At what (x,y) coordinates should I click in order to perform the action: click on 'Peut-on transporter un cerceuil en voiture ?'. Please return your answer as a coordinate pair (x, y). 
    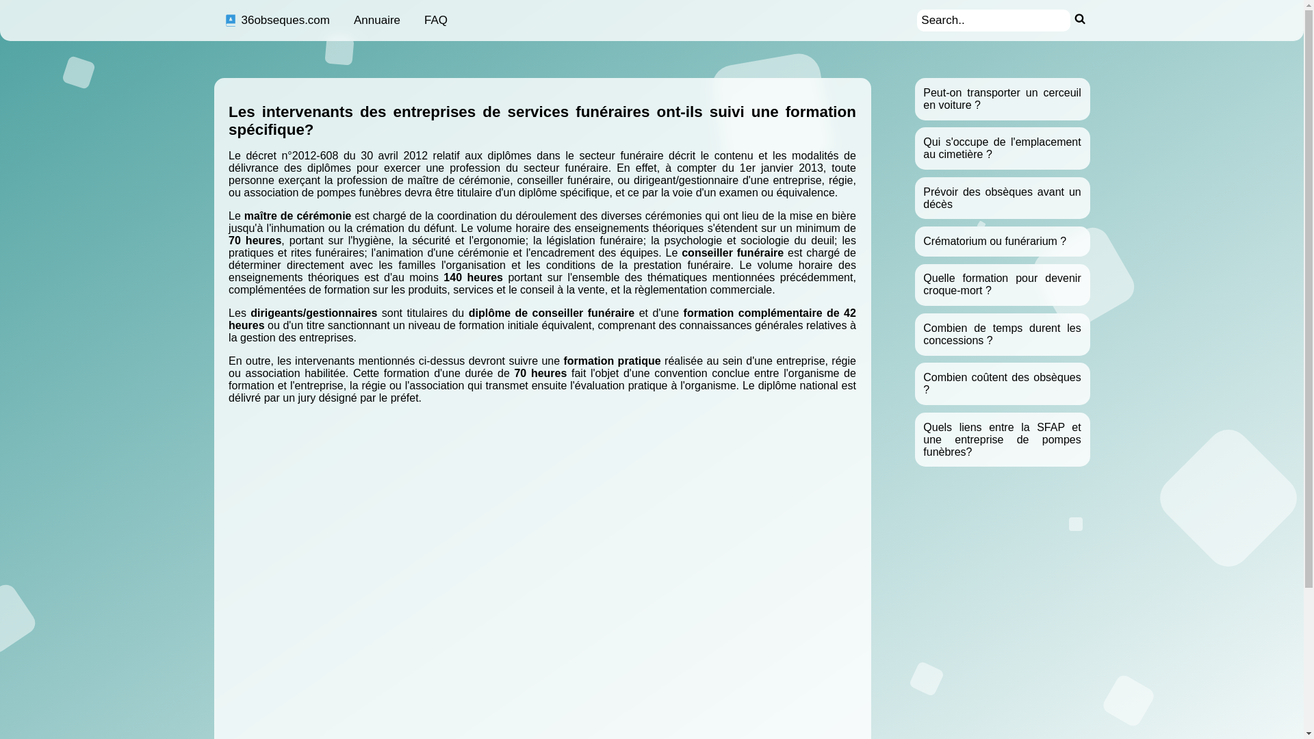
    Looking at the image, I should click on (1002, 98).